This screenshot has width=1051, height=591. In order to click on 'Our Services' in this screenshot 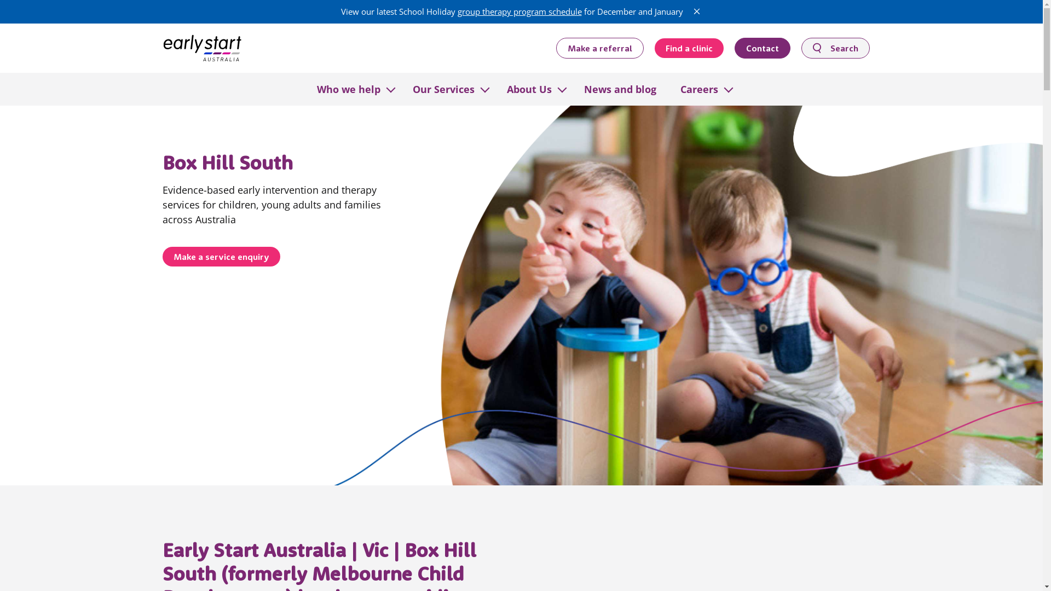, I will do `click(443, 88)`.